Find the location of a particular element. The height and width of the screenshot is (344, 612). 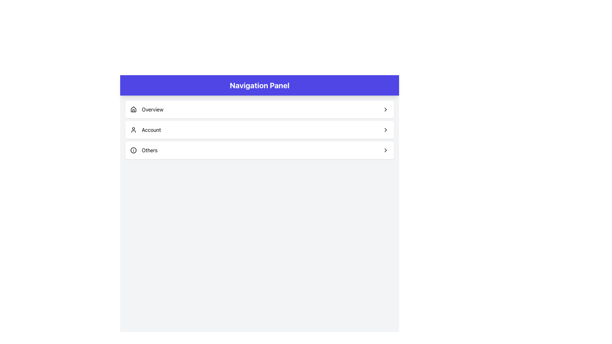

the SVG icon depicting a user, which is located to the left of the text 'Account' in the navigation list, specifically the second item in the list is located at coordinates (133, 130).